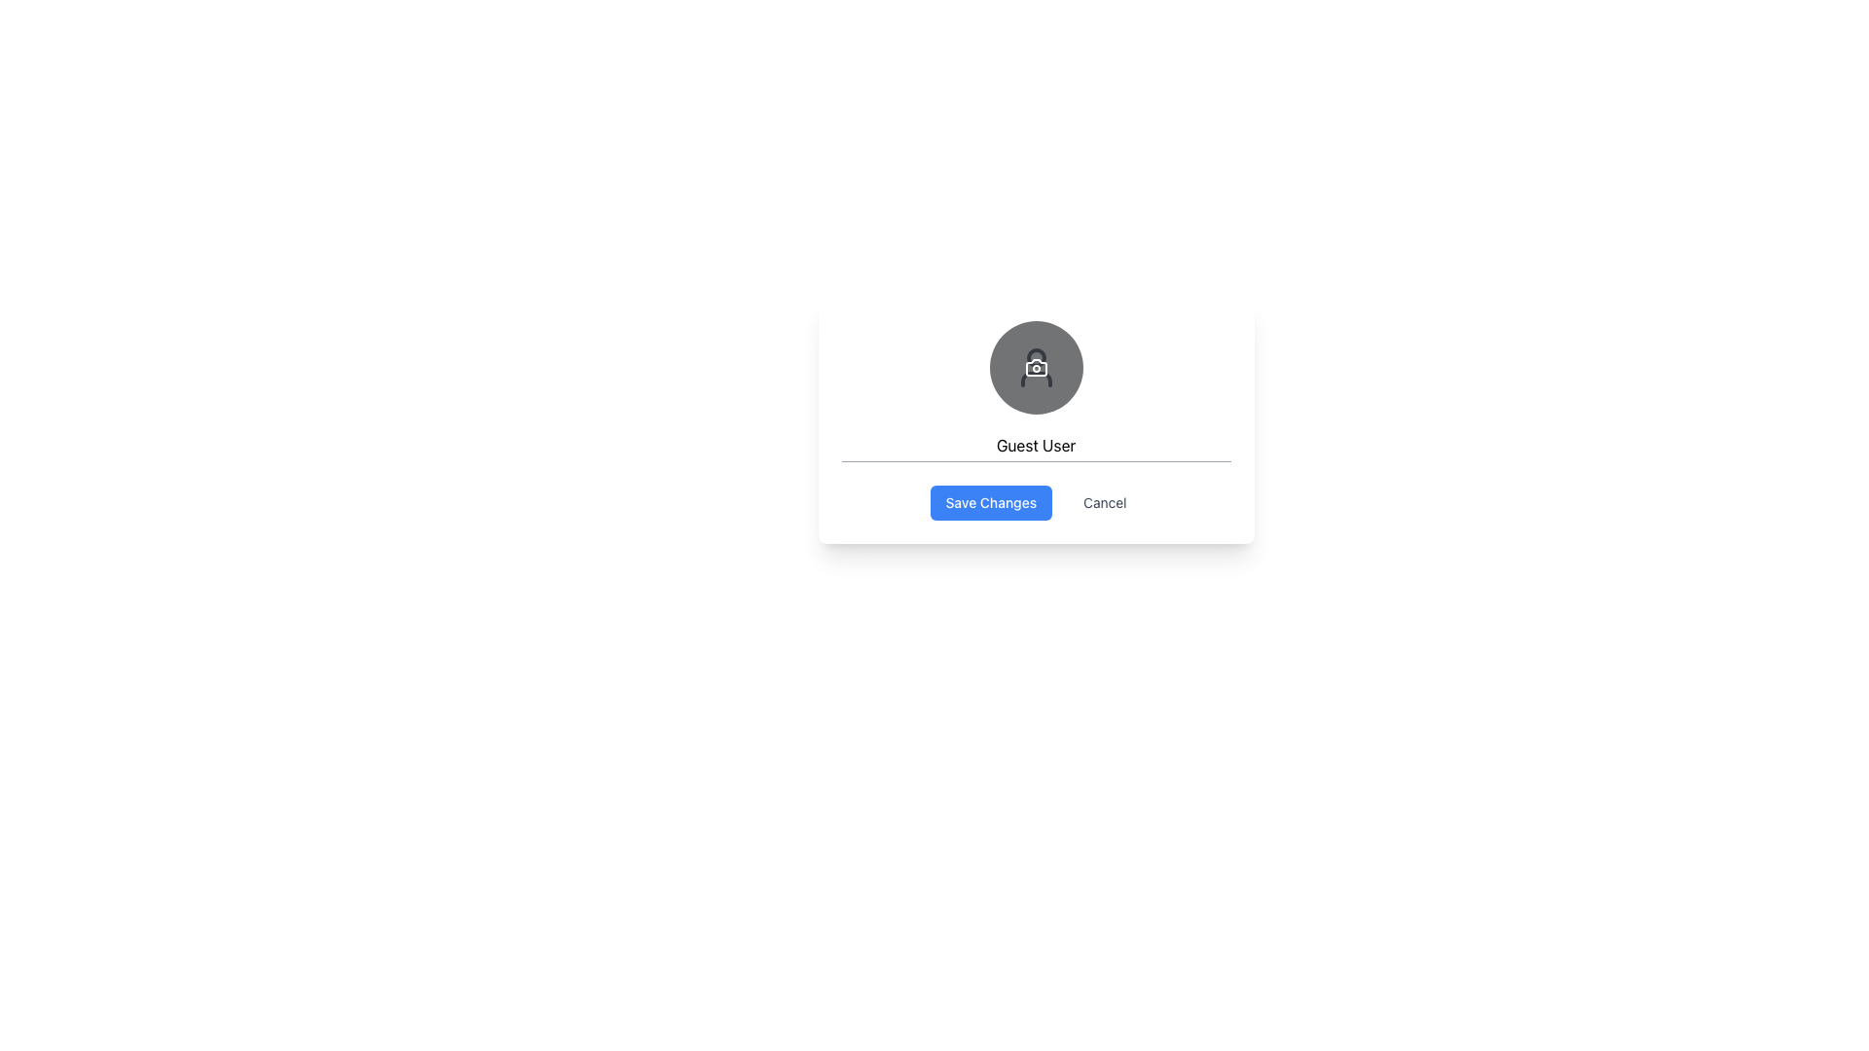 The height and width of the screenshot is (1051, 1869). I want to click on the SVG circle element that represents the head part of the user icon in the user profile avatar placeholder, so click(1035, 357).